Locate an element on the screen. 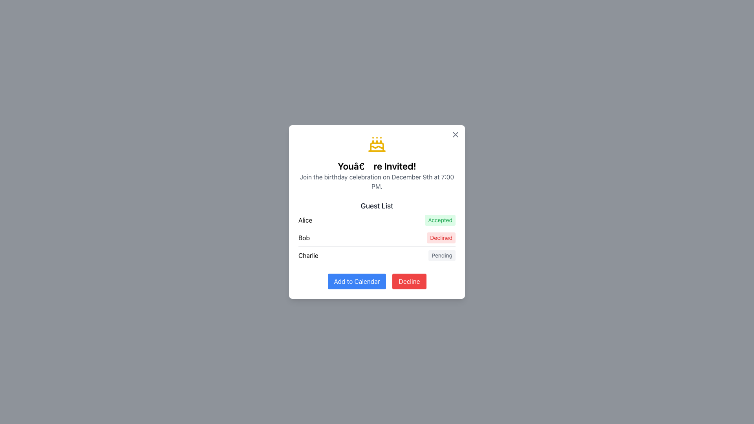 This screenshot has width=754, height=424. the informative text block with a yellow cake icon that contains the heading 'You’re Invited!' and event details, located at the top-centered part of the modal is located at coordinates (377, 163).